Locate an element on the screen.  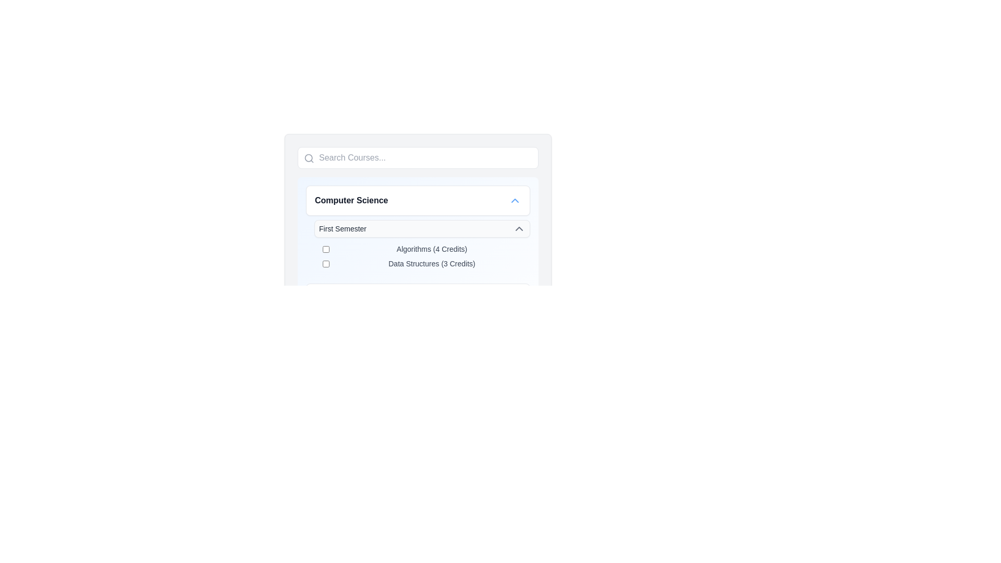
the text label that describes the checkbox for selecting the course in the 'First Semester' section of the 'Computer Science' category is located at coordinates (432, 249).